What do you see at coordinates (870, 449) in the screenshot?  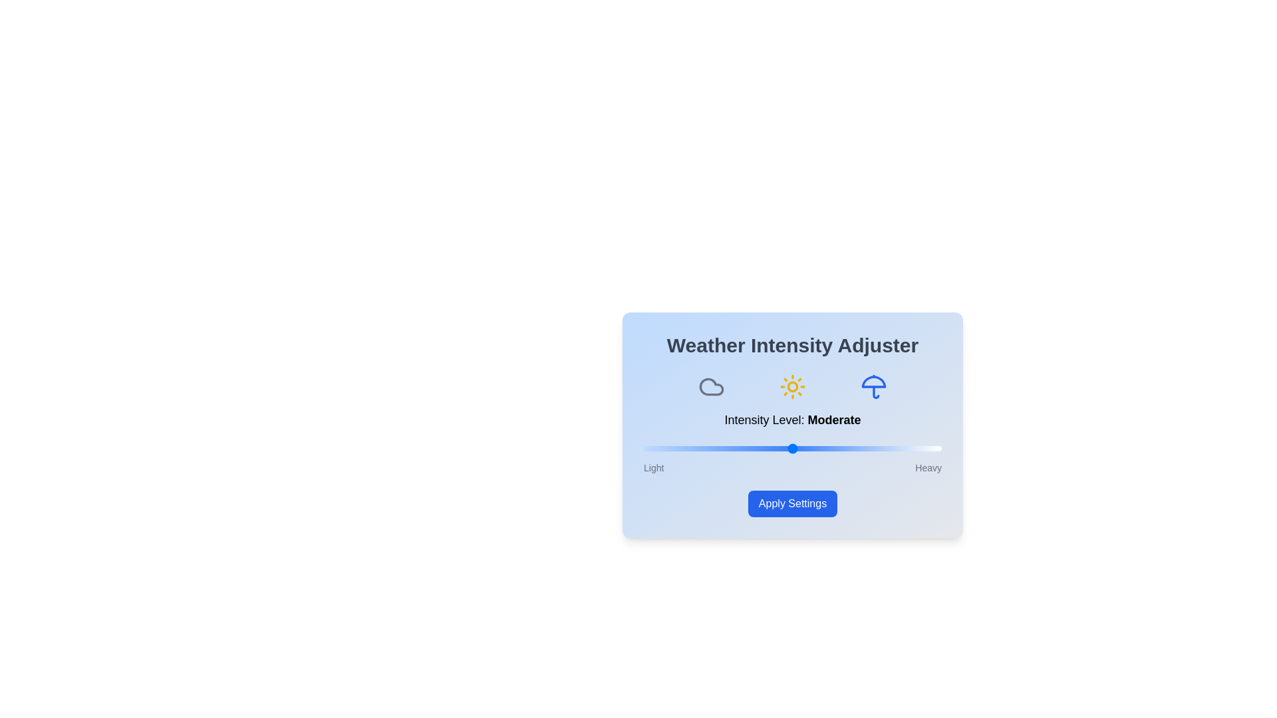 I see `the weather intensity slider to 76%` at bounding box center [870, 449].